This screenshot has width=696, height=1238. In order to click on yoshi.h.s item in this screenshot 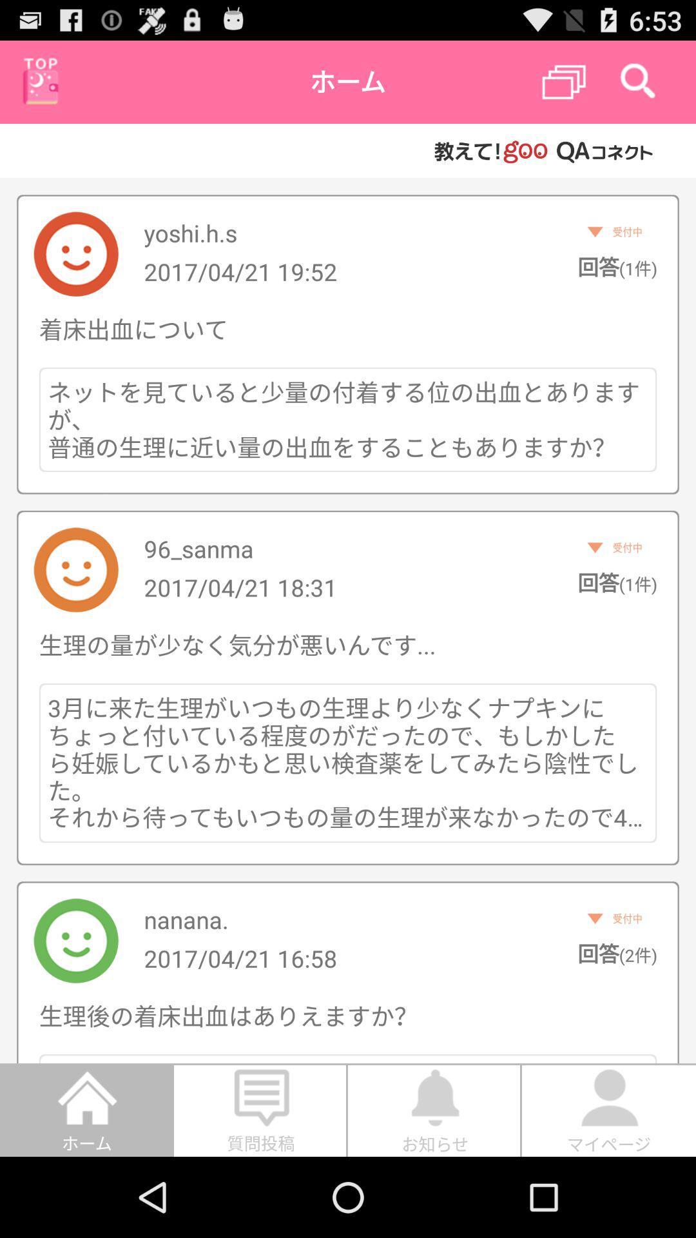, I will do `click(190, 233)`.